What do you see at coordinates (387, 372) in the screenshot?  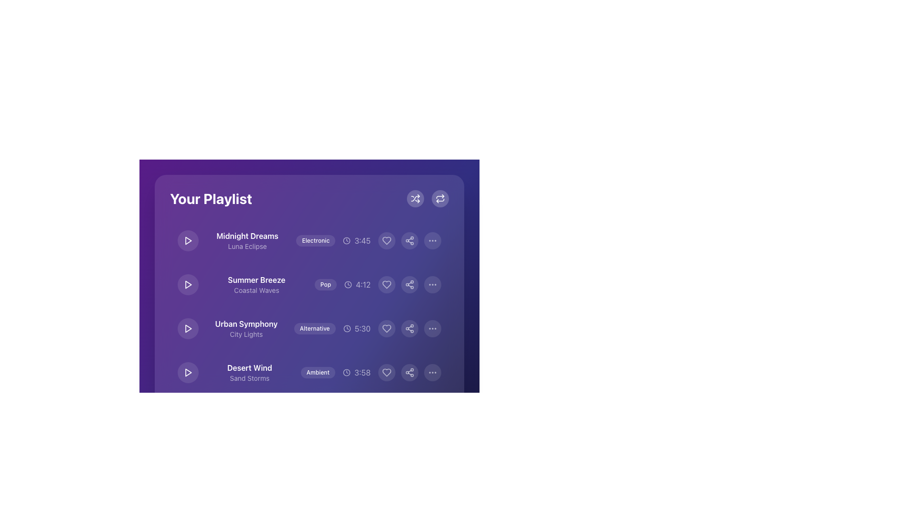 I see `the heart-shaped icon button on the far right side of the row for the song 'Desert Wind'` at bounding box center [387, 372].